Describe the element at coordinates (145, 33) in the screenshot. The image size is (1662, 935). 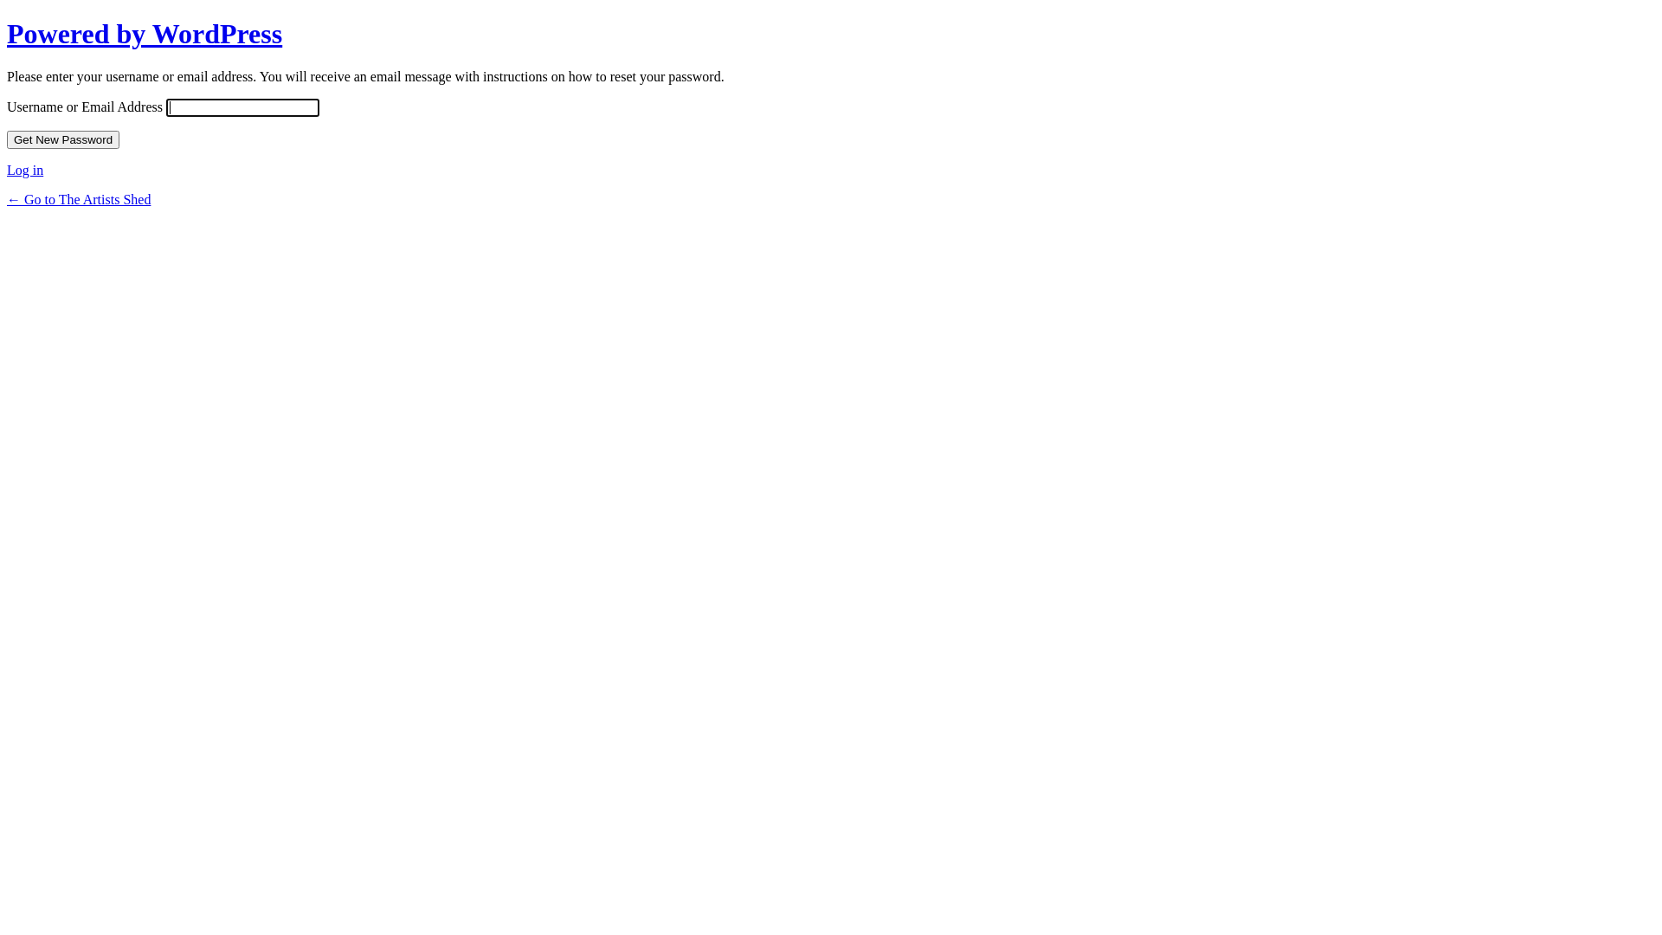
I see `'Powered by WordPress'` at that location.